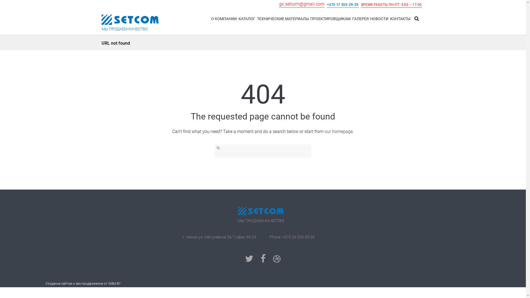 The height and width of the screenshot is (298, 530). What do you see at coordinates (279, 4) in the screenshot?
I see `'gc.setcom@gmail.com'` at bounding box center [279, 4].